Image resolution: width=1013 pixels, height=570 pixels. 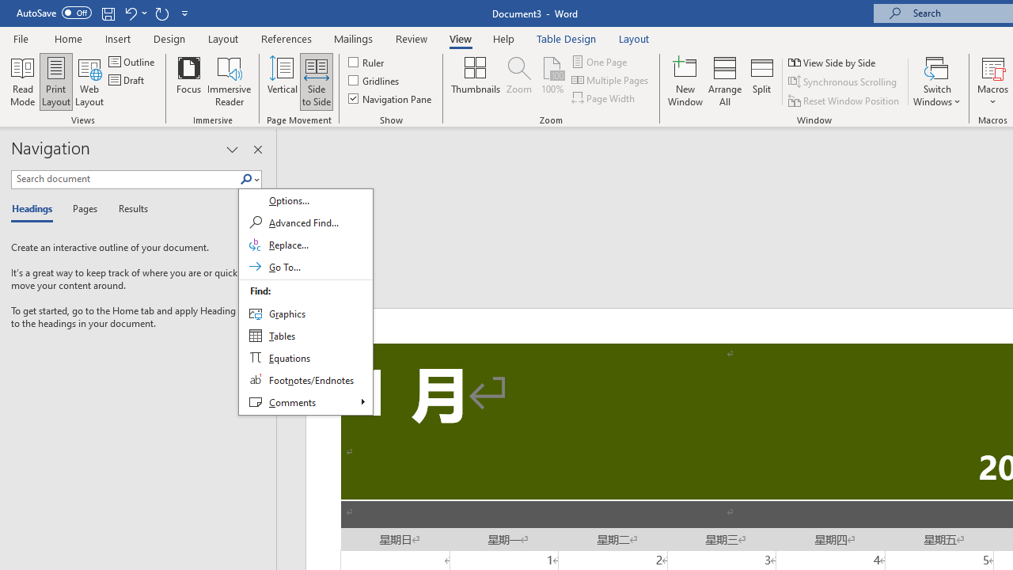 What do you see at coordinates (245, 179) in the screenshot?
I see `'Search'` at bounding box center [245, 179].